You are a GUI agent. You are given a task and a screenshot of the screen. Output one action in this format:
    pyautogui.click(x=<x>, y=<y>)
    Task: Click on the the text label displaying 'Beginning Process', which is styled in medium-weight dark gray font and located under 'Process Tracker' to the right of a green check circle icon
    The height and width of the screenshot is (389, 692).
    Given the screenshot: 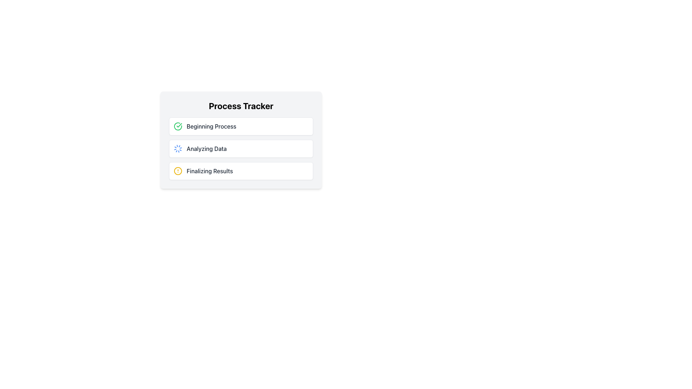 What is the action you would take?
    pyautogui.click(x=211, y=126)
    